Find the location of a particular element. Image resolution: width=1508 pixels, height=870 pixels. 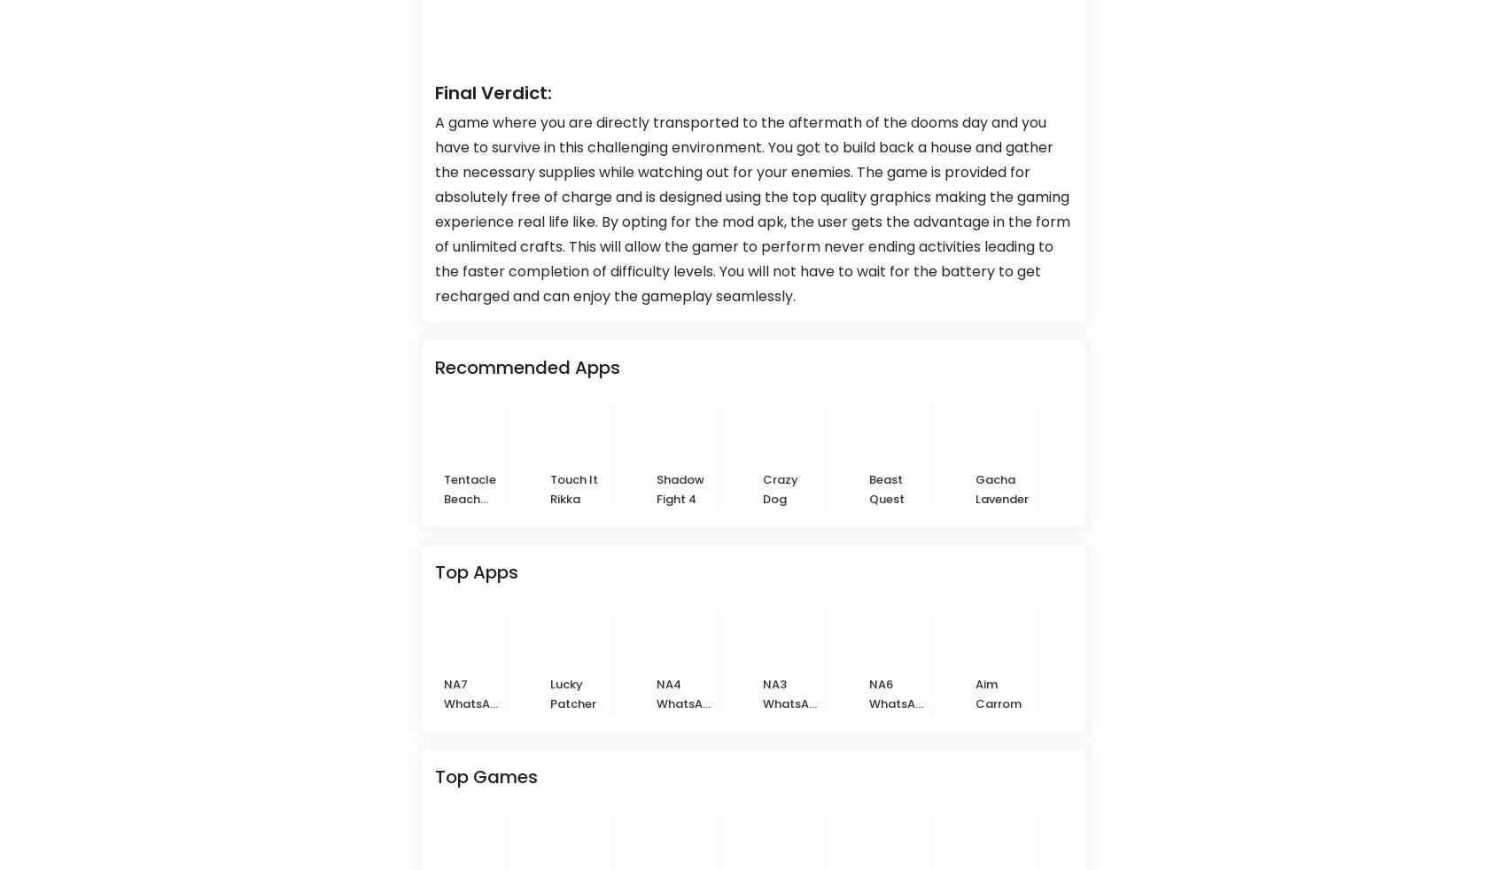

'Recommended Apps' is located at coordinates (527, 367).